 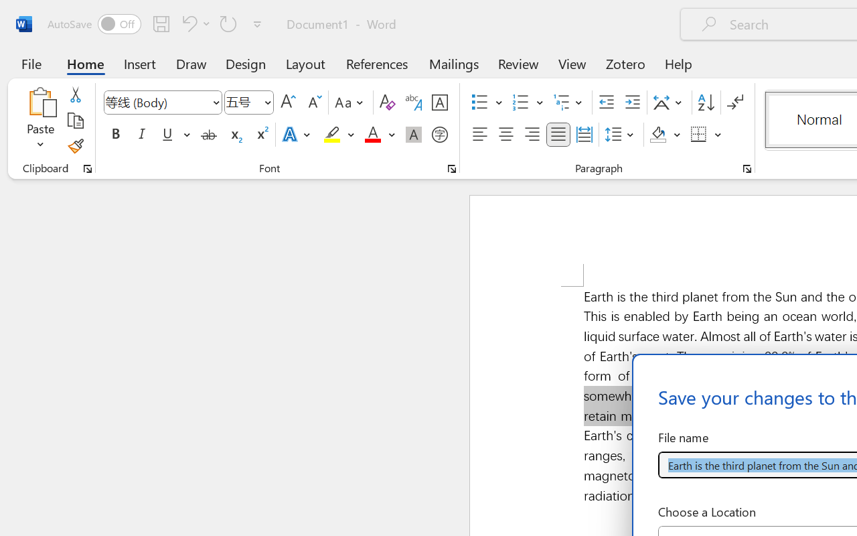 I want to click on 'Grow Font', so click(x=287, y=103).